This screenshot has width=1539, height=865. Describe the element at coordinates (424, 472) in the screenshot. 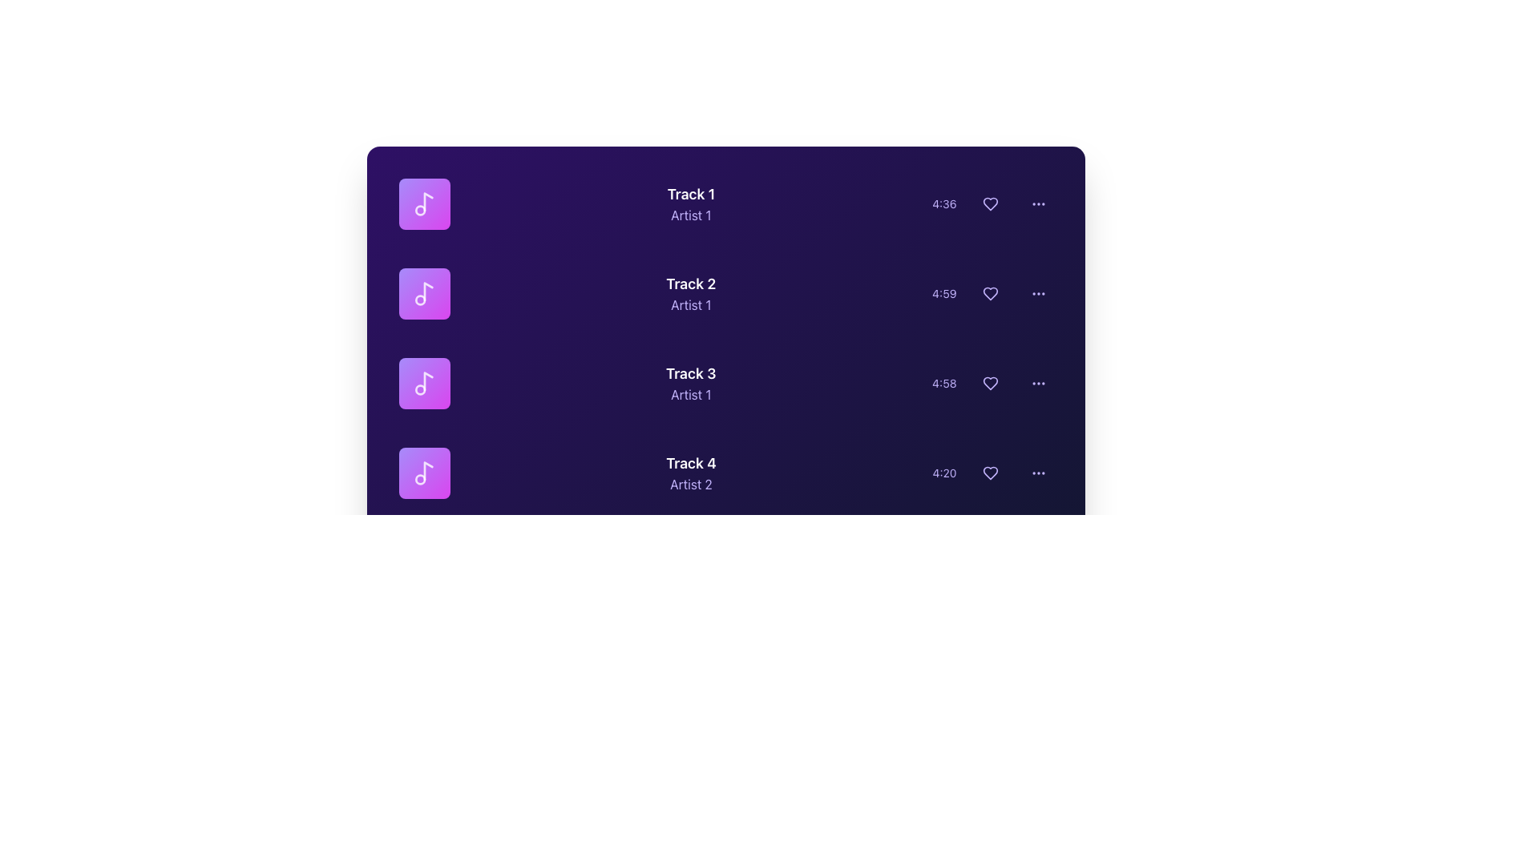

I see `the music note icon, which is the fourth in a vertical sequence of icons on a gradient purple background, aligned with the 'Track 4' label` at that location.